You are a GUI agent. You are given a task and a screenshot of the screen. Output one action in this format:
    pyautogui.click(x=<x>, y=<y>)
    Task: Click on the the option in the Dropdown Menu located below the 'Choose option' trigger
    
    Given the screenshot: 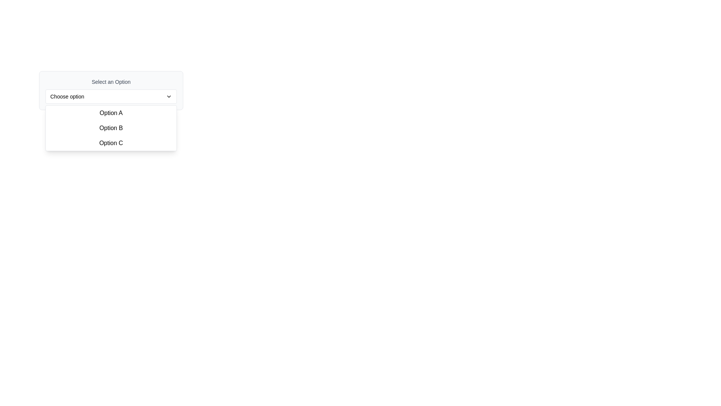 What is the action you would take?
    pyautogui.click(x=111, y=127)
    